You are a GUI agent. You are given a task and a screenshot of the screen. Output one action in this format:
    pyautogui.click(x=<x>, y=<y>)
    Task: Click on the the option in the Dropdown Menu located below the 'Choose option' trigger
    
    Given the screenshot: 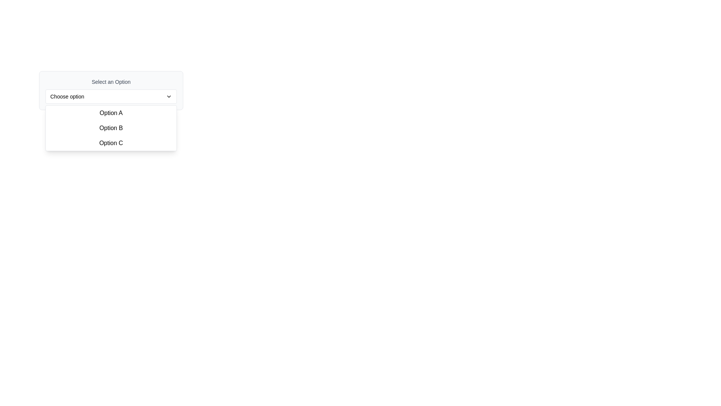 What is the action you would take?
    pyautogui.click(x=111, y=127)
    